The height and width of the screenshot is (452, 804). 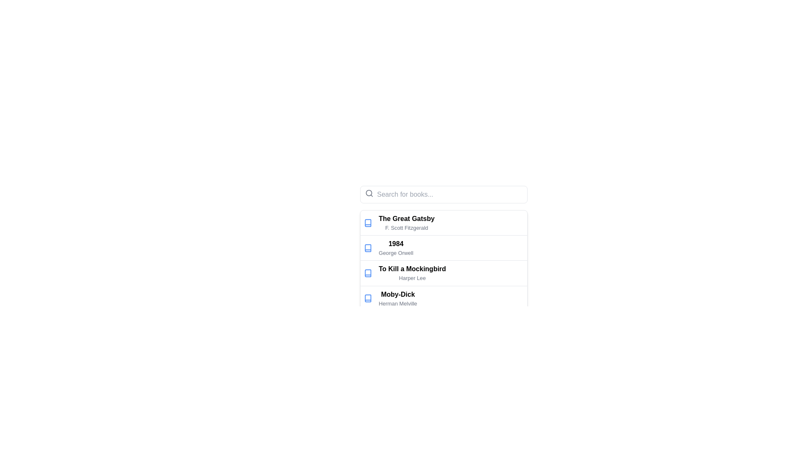 What do you see at coordinates (443, 273) in the screenshot?
I see `the third item in the list of books, which provides the title and author for selection` at bounding box center [443, 273].